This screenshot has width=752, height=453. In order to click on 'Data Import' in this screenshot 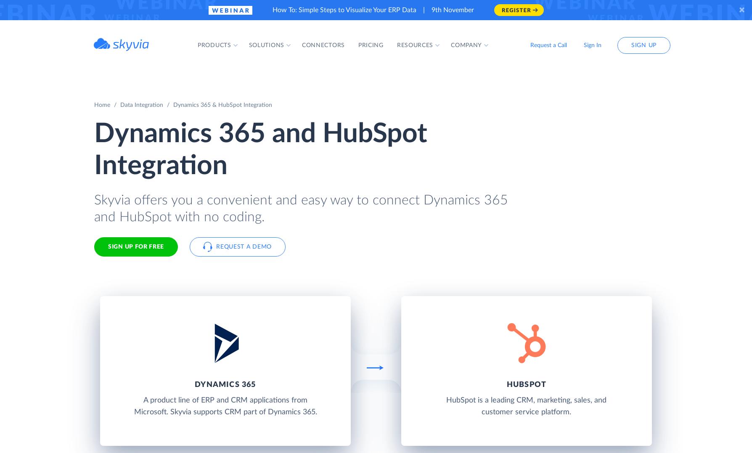, I will do `click(328, 116)`.